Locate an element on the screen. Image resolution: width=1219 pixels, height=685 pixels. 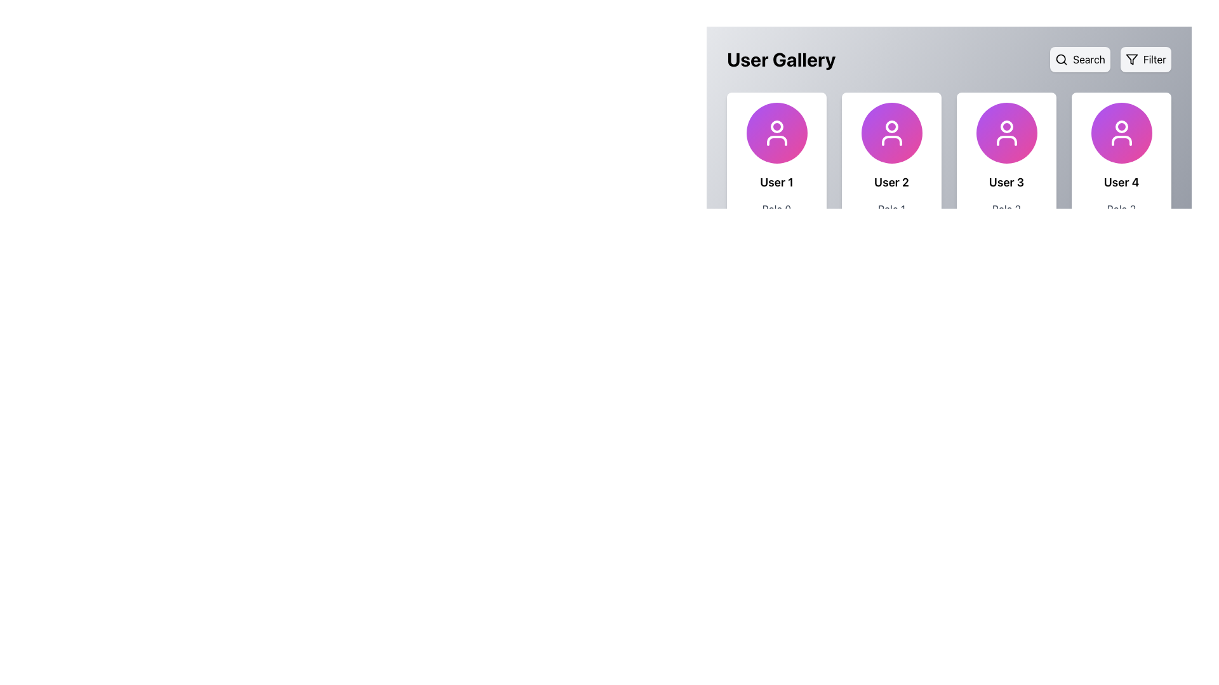
circular graphical element that represents the user's avatar located at the upper center of the 'User 1' card in the 'User Gallery' section is located at coordinates (776, 127).